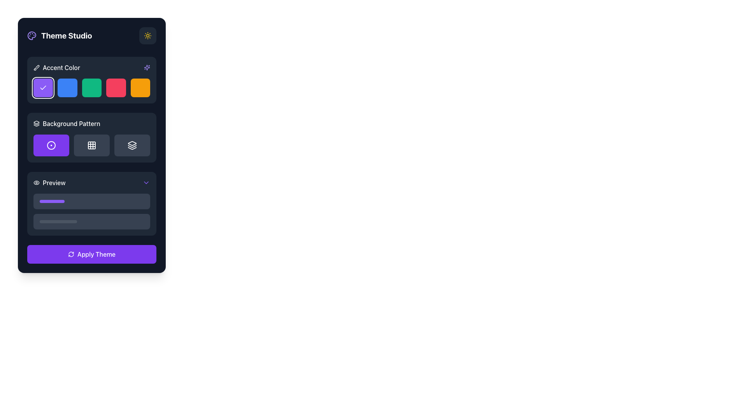 Image resolution: width=747 pixels, height=420 pixels. I want to click on the violet sparkling effect icon located to the right of the 'Theme Studio' title in the sidebar interface, so click(147, 67).